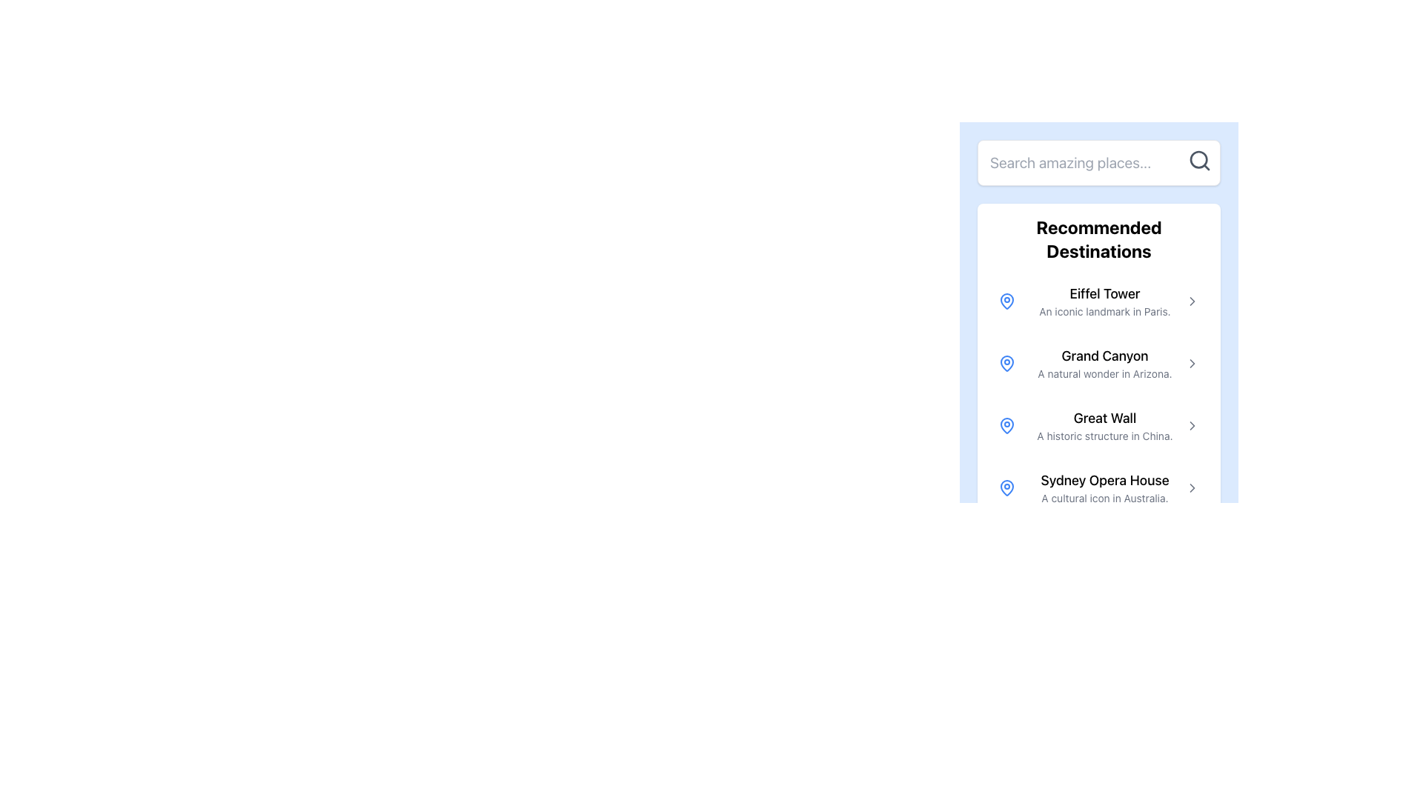 The image size is (1423, 800). What do you see at coordinates (1105, 310) in the screenshot?
I see `the text label that reads 'An iconic landmark in Paris.' which is positioned below the main title 'Eiffel Tower.'` at bounding box center [1105, 310].